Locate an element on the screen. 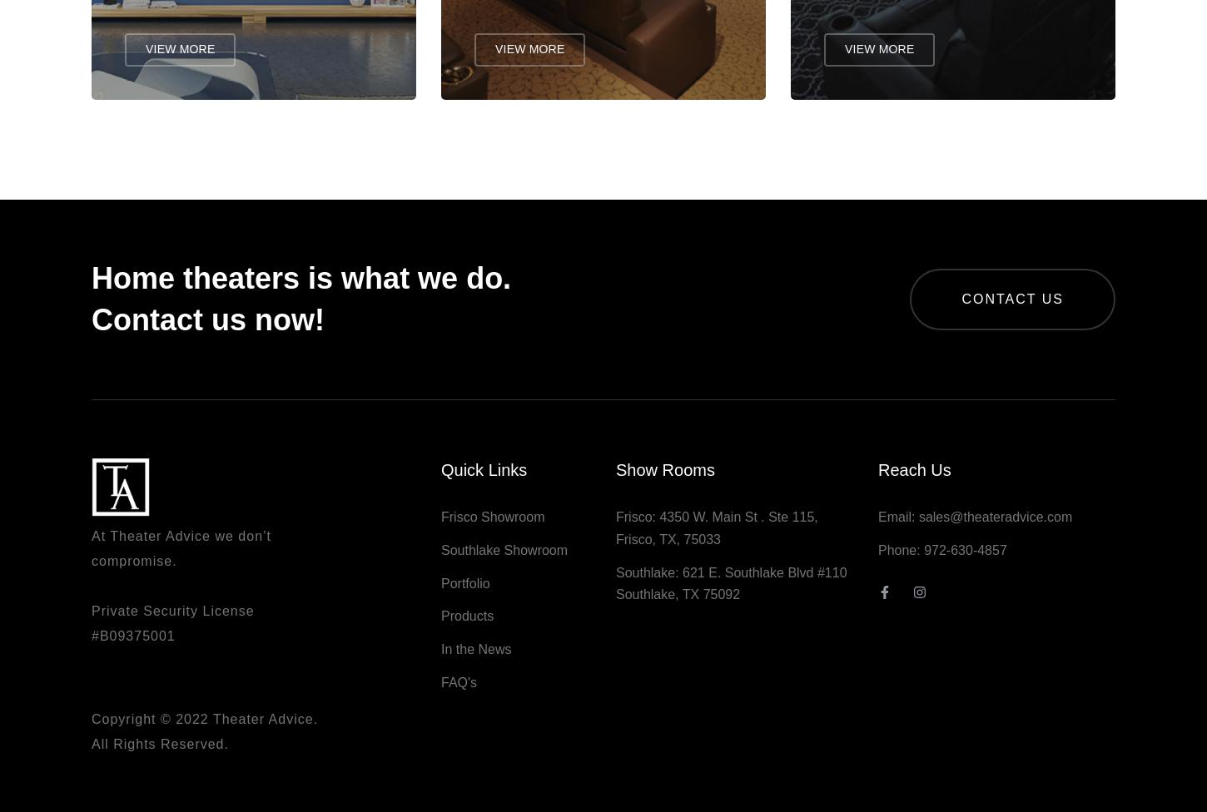 This screenshot has width=1207, height=812. 'sales@theateradvice.com' is located at coordinates (917, 524).